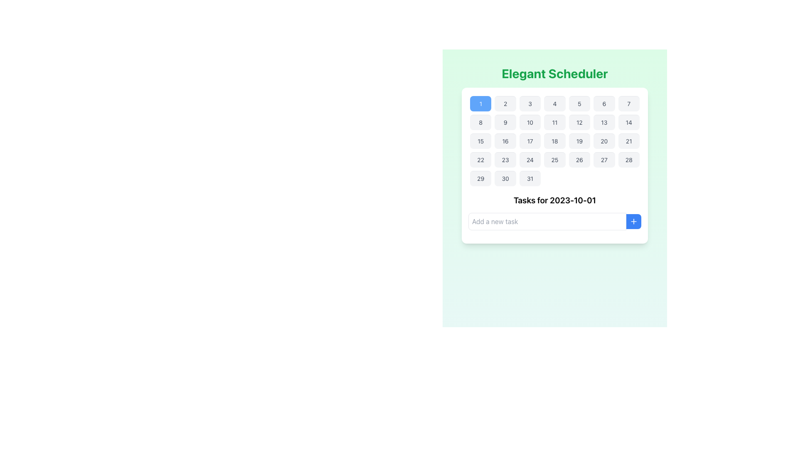 The height and width of the screenshot is (449, 798). I want to click on the button representing the date '16' in the calendar interface under the header 'Elegant Scheduler', so click(505, 141).